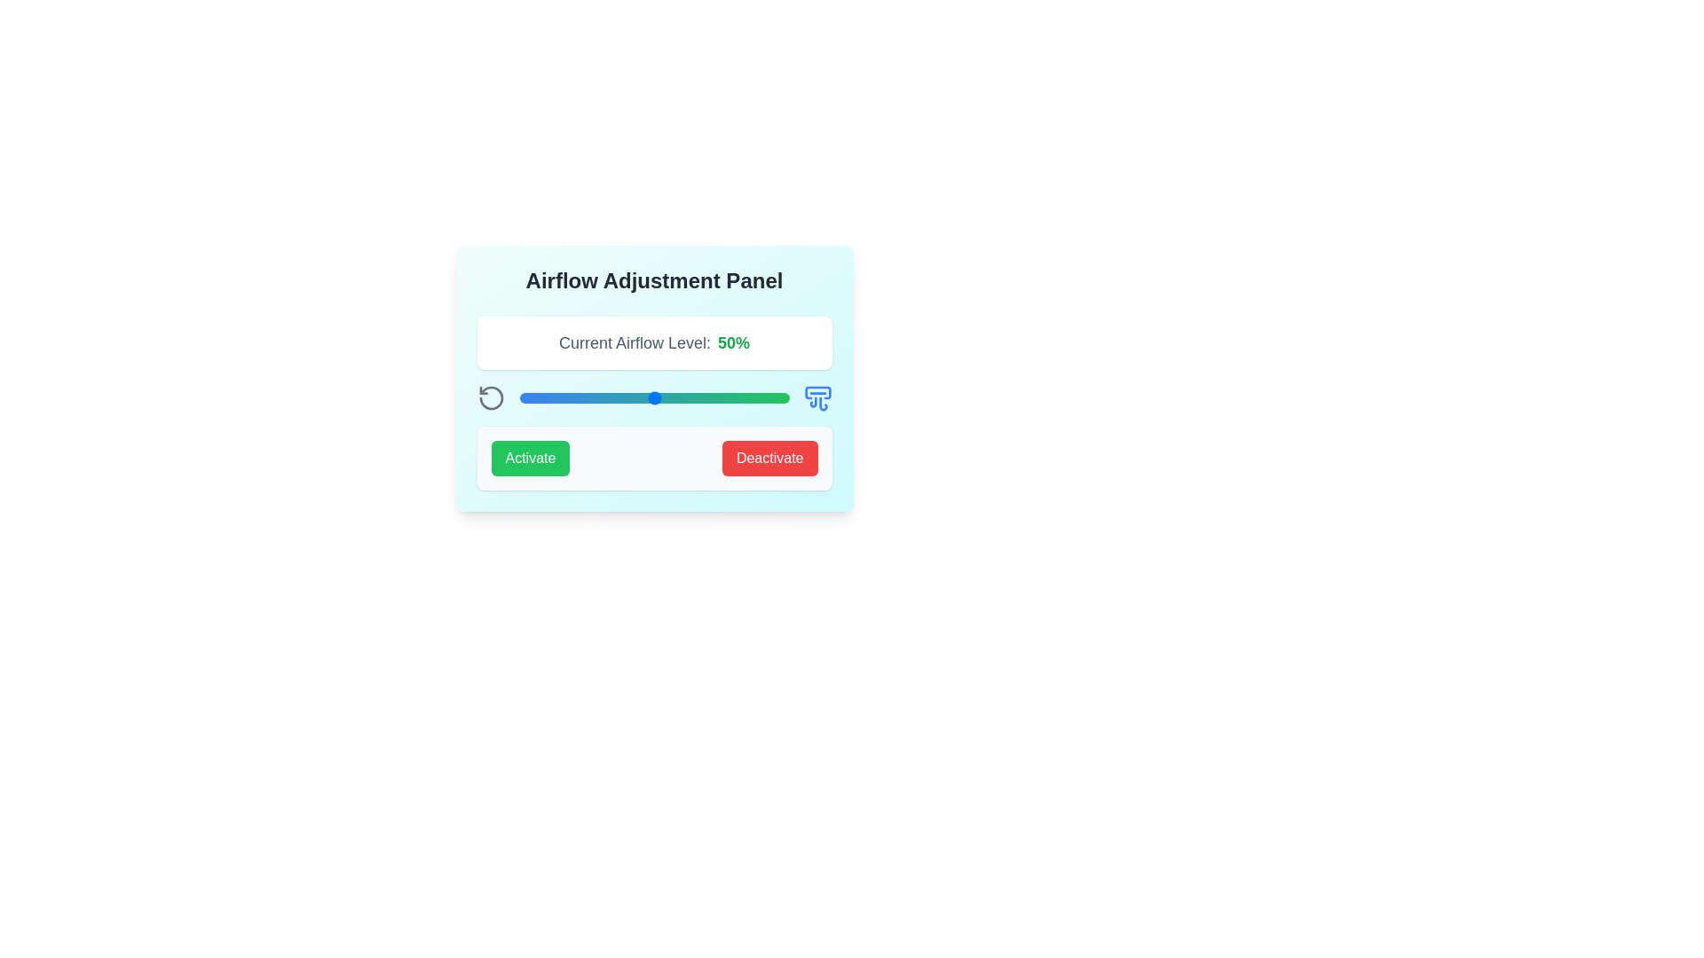  I want to click on the AirVent icon to interact with its functionality, so click(816, 397).